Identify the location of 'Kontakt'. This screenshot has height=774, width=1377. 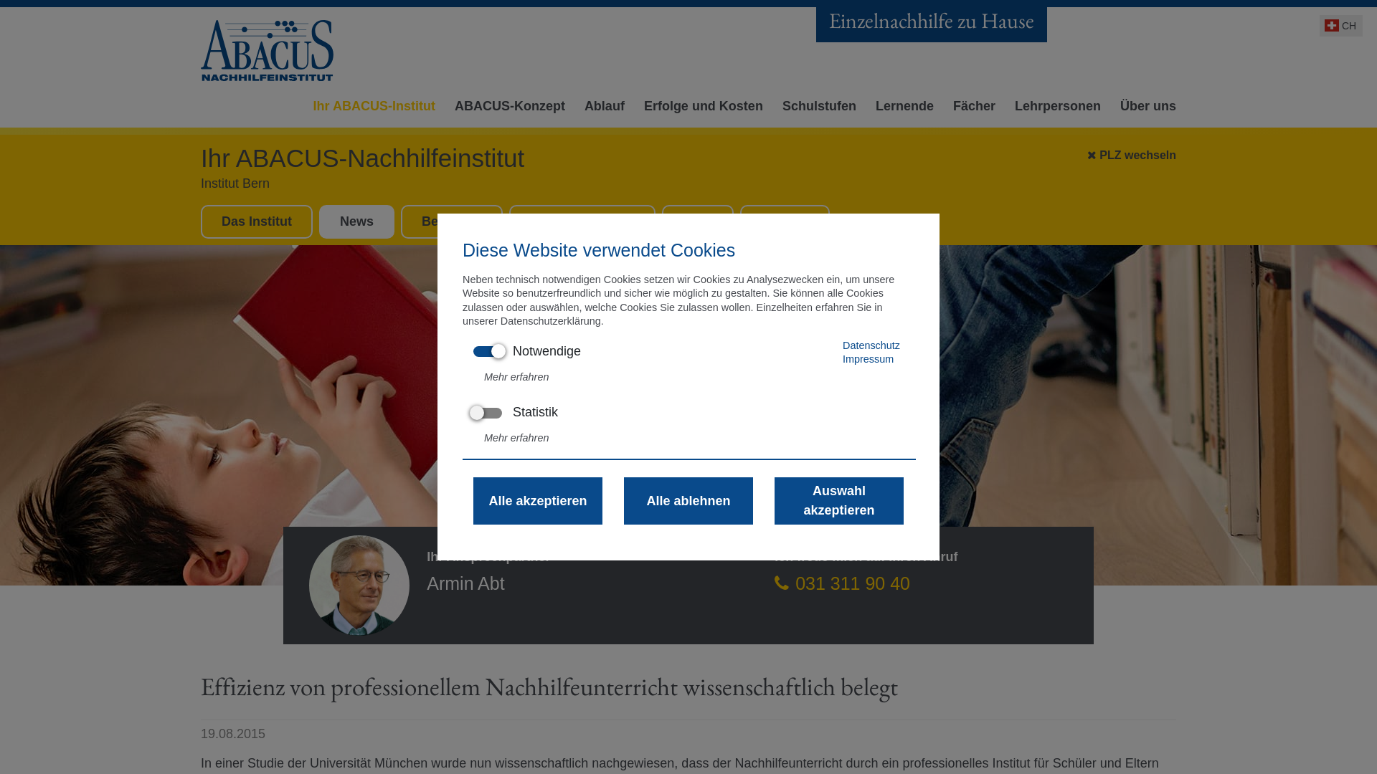
(740, 221).